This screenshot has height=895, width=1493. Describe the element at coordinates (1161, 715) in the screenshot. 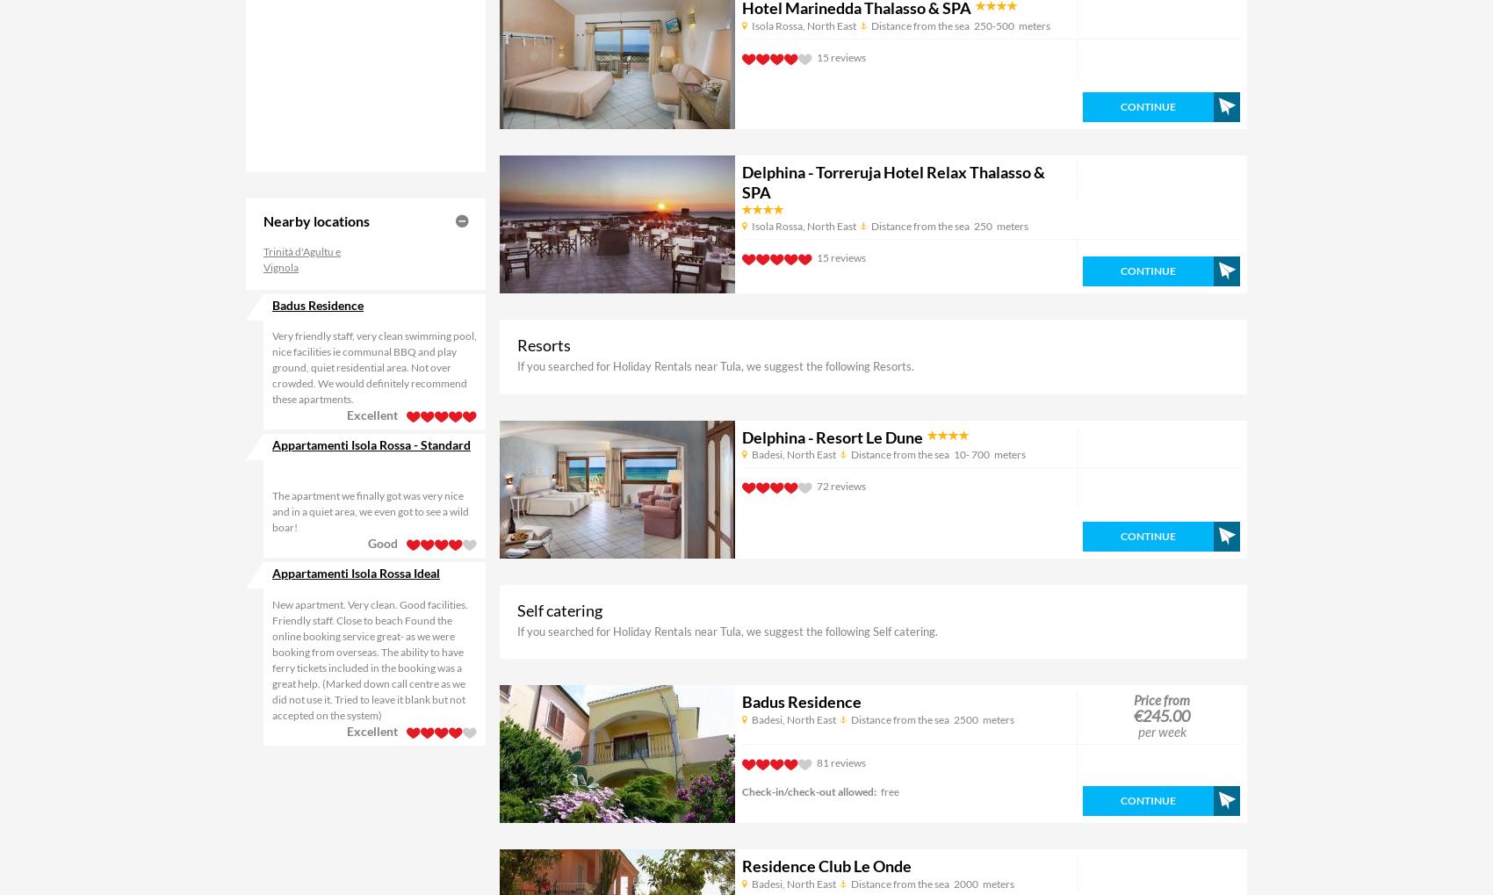

I see `'€245.00'` at that location.